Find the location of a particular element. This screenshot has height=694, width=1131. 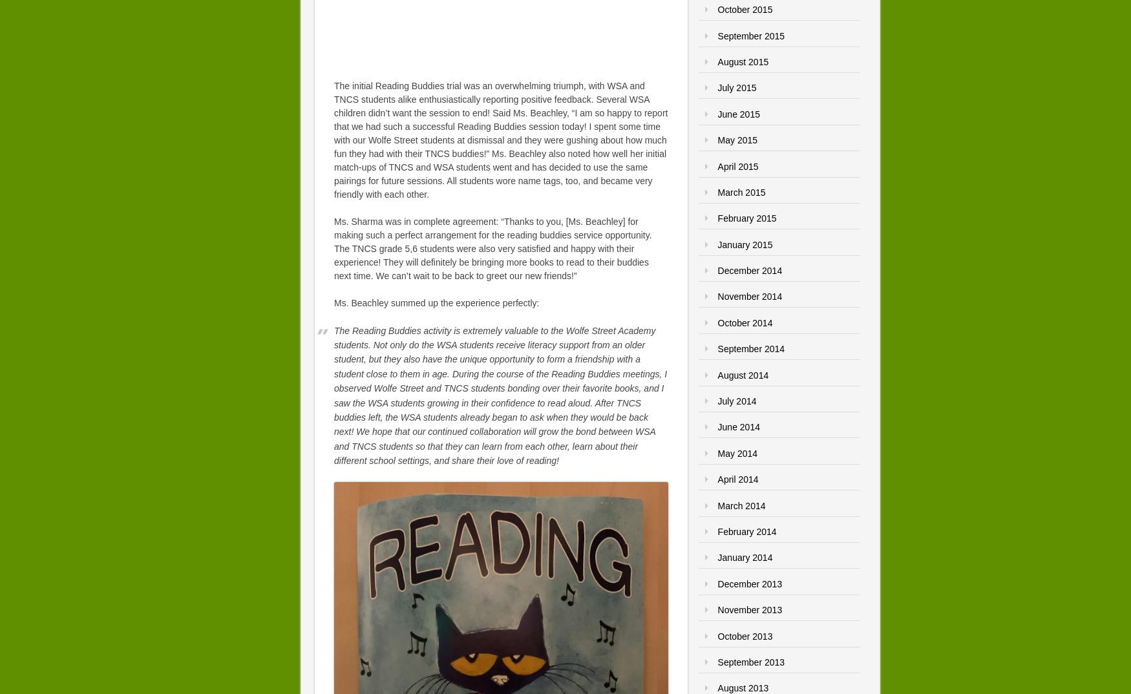

'October 2014' is located at coordinates (744, 322).